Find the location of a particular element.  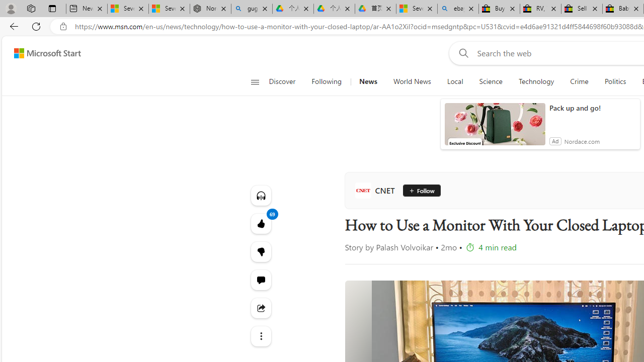

'Crime' is located at coordinates (580, 81).